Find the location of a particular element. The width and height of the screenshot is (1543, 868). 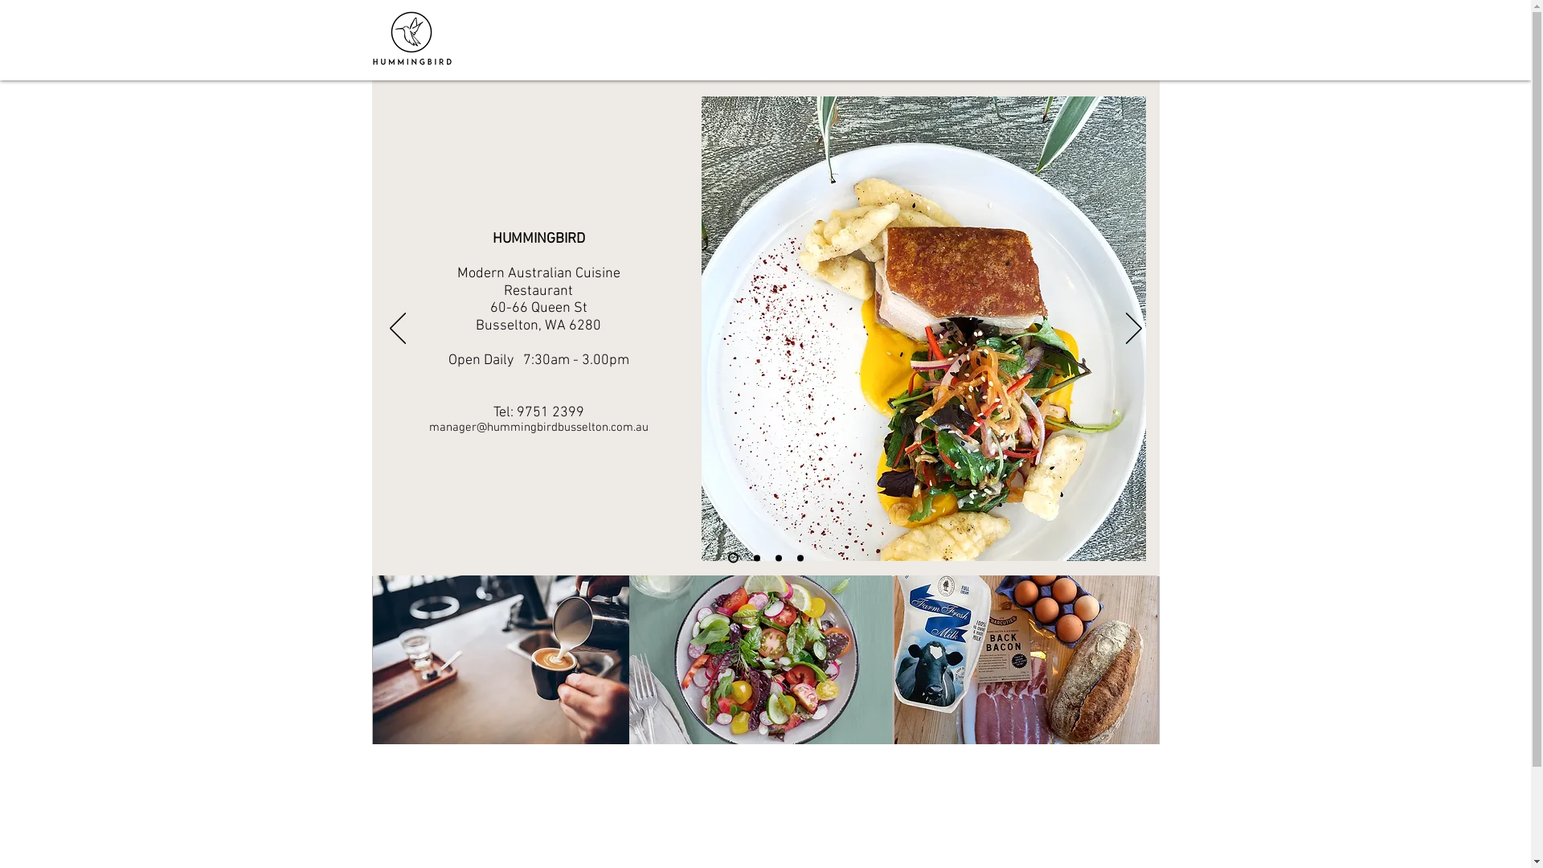

'9751 2399' is located at coordinates (549, 411).